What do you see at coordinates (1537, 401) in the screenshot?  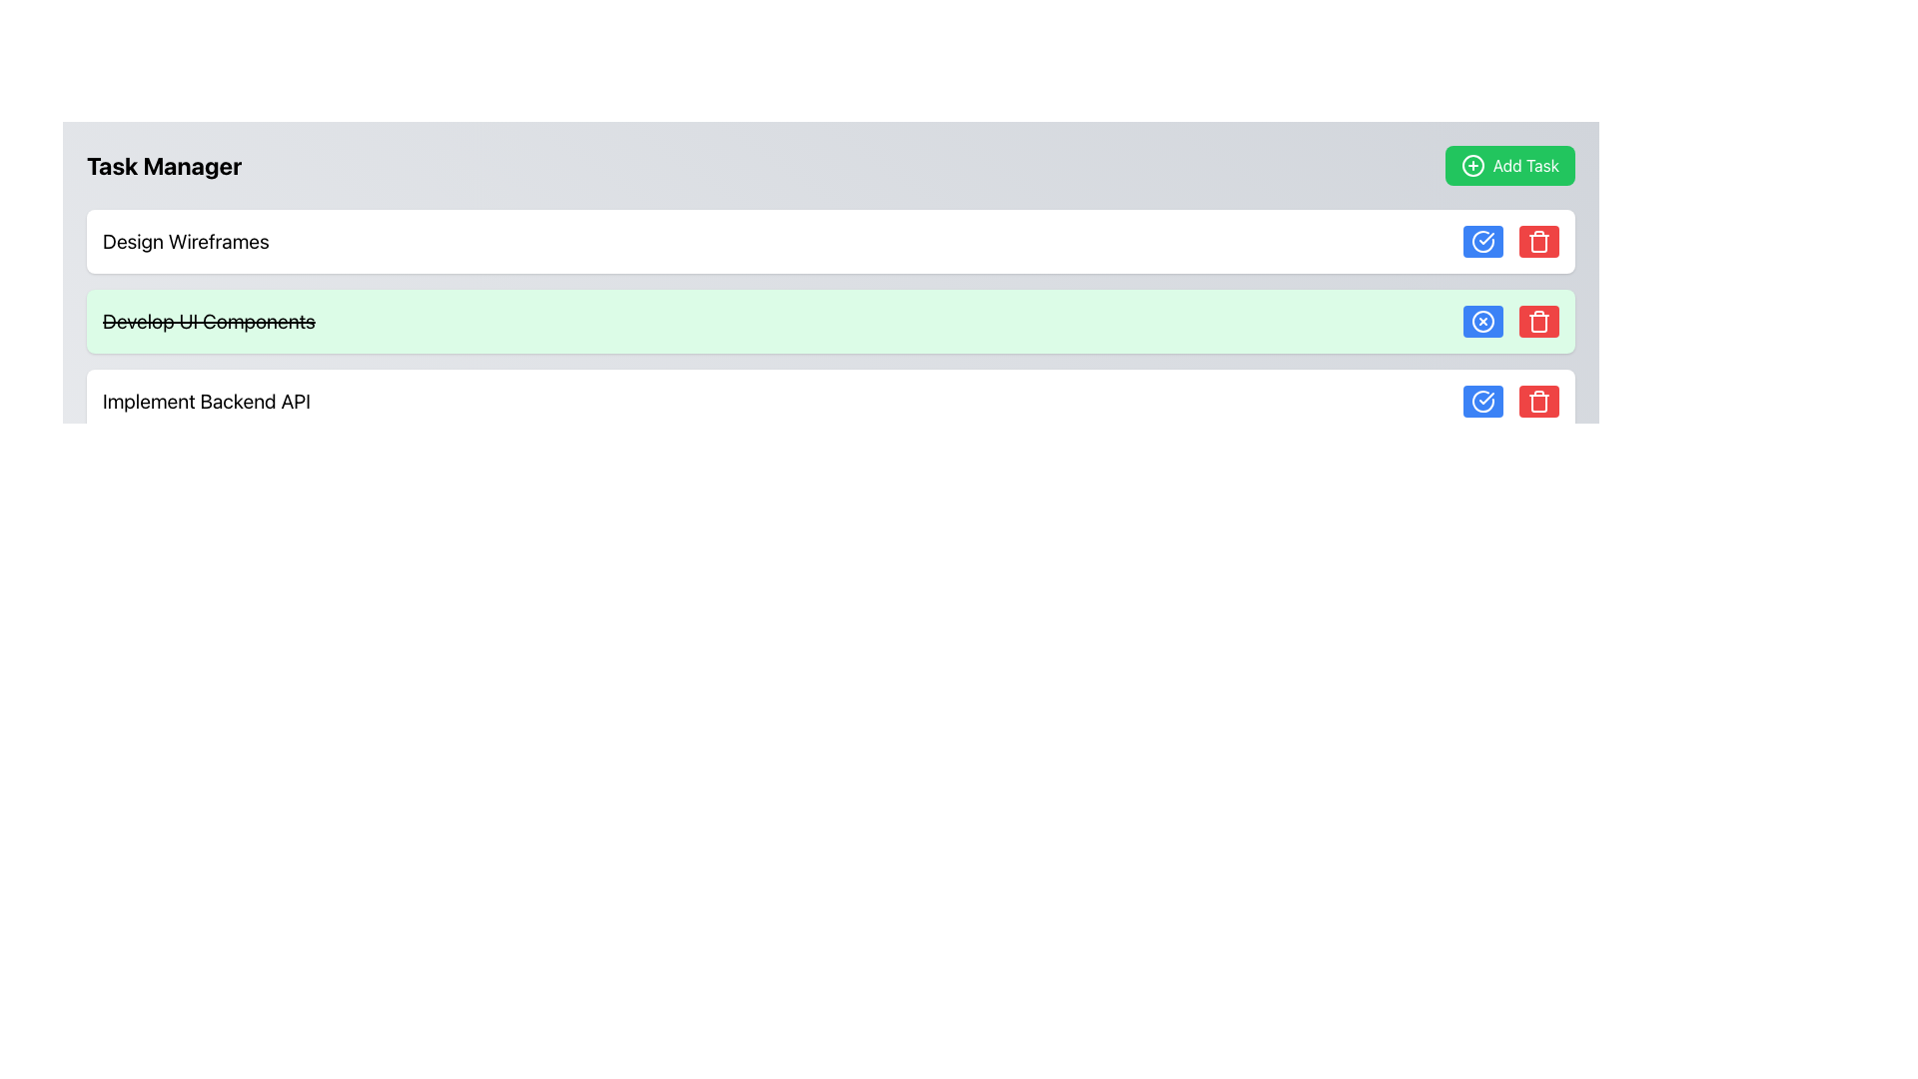 I see `the trash icon button with a red background located to the far-right of the task labeled 'Develop UI Components'` at bounding box center [1537, 401].